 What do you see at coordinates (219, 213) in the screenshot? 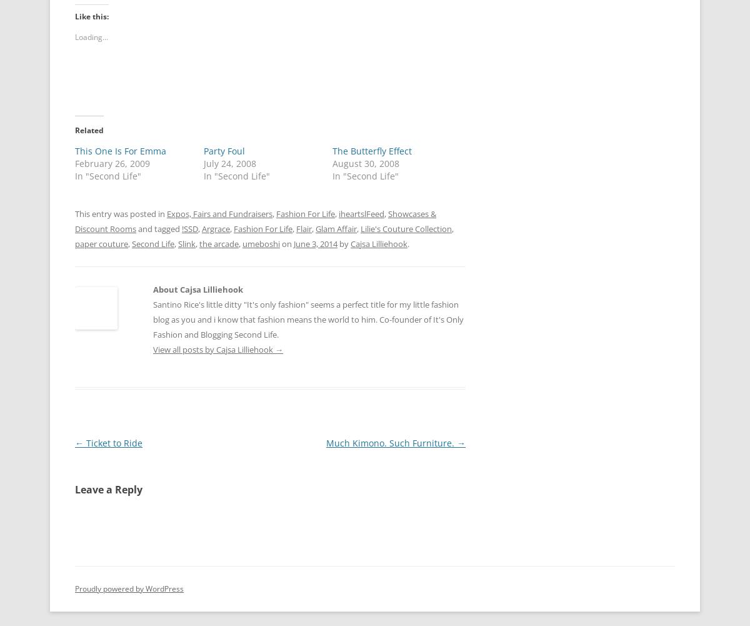
I see `'Expos, Fairs and Fundraisers'` at bounding box center [219, 213].